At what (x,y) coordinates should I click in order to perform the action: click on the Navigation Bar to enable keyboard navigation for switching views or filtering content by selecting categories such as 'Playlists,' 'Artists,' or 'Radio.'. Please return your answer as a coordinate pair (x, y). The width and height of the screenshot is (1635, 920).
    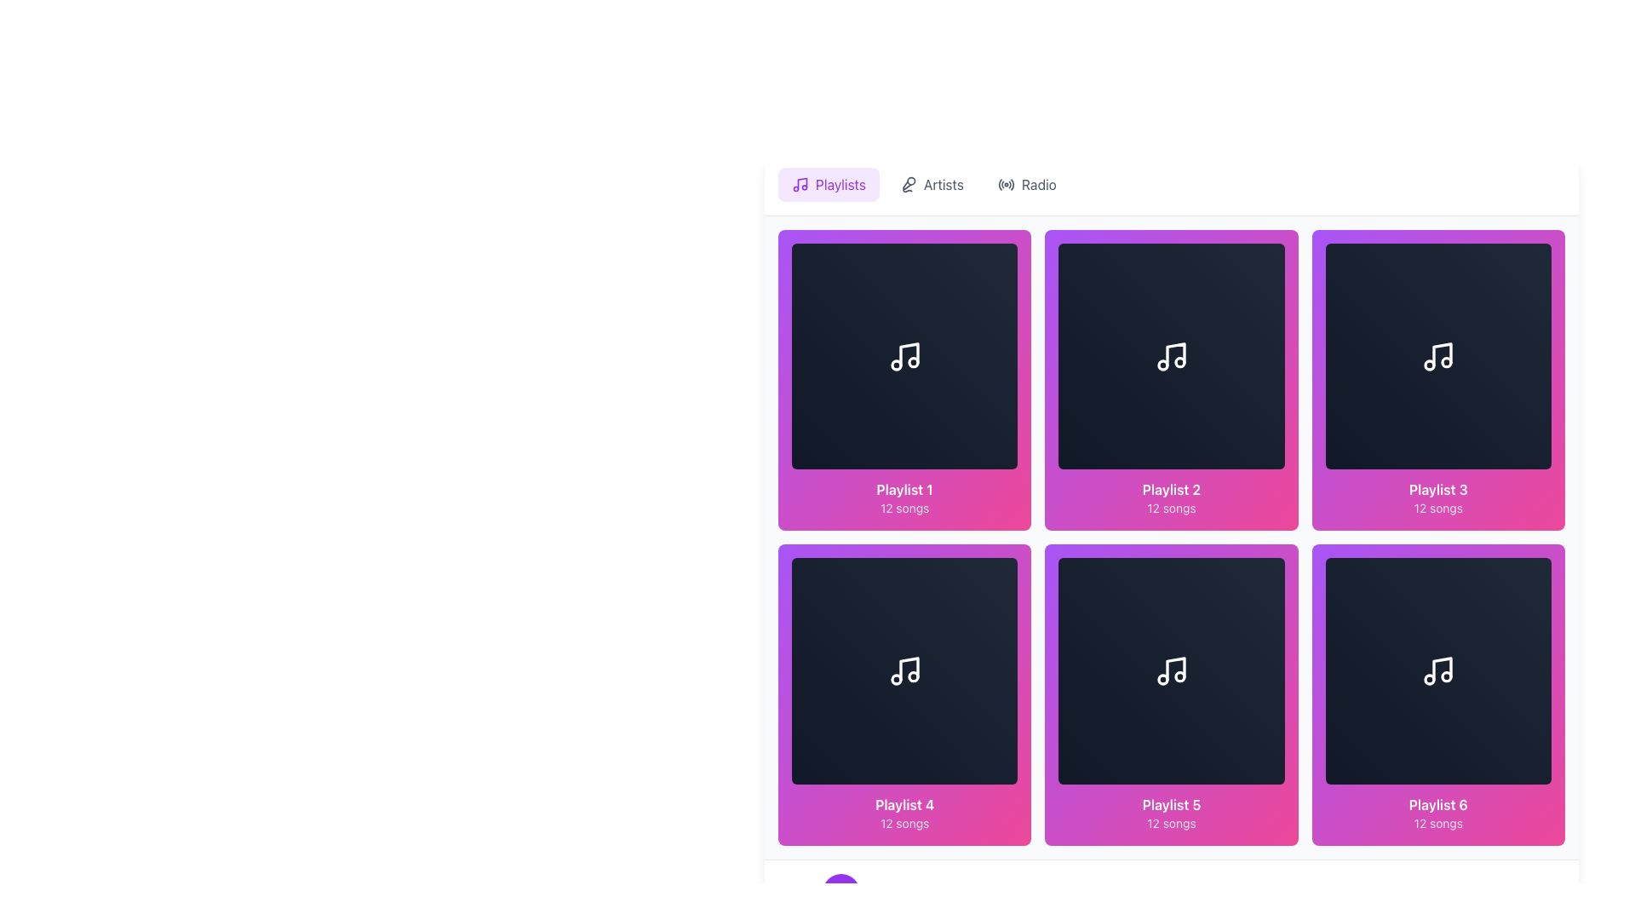
    Looking at the image, I should click on (1171, 184).